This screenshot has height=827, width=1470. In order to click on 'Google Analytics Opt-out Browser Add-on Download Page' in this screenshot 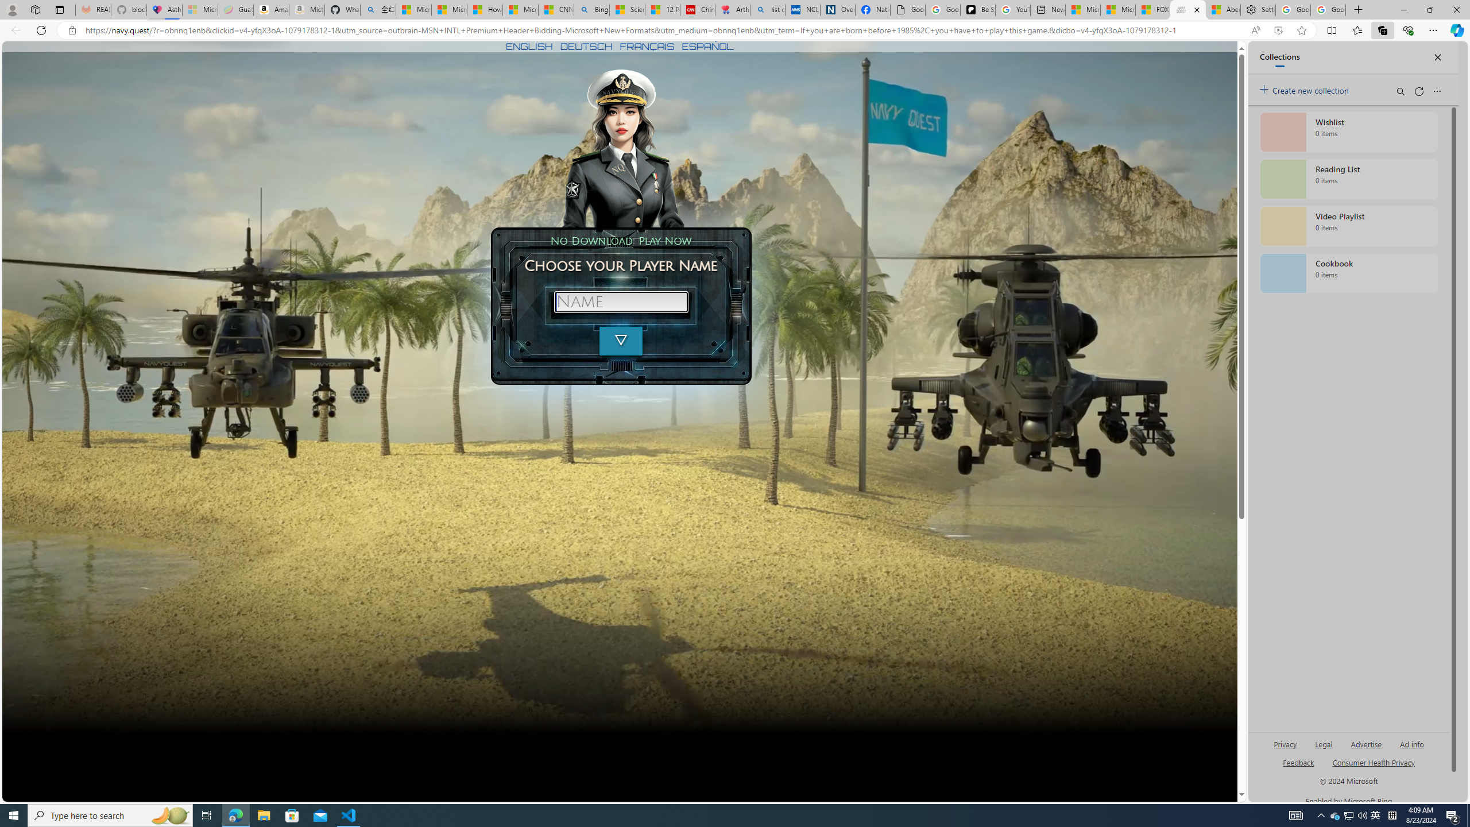, I will do `click(907, 9)`.